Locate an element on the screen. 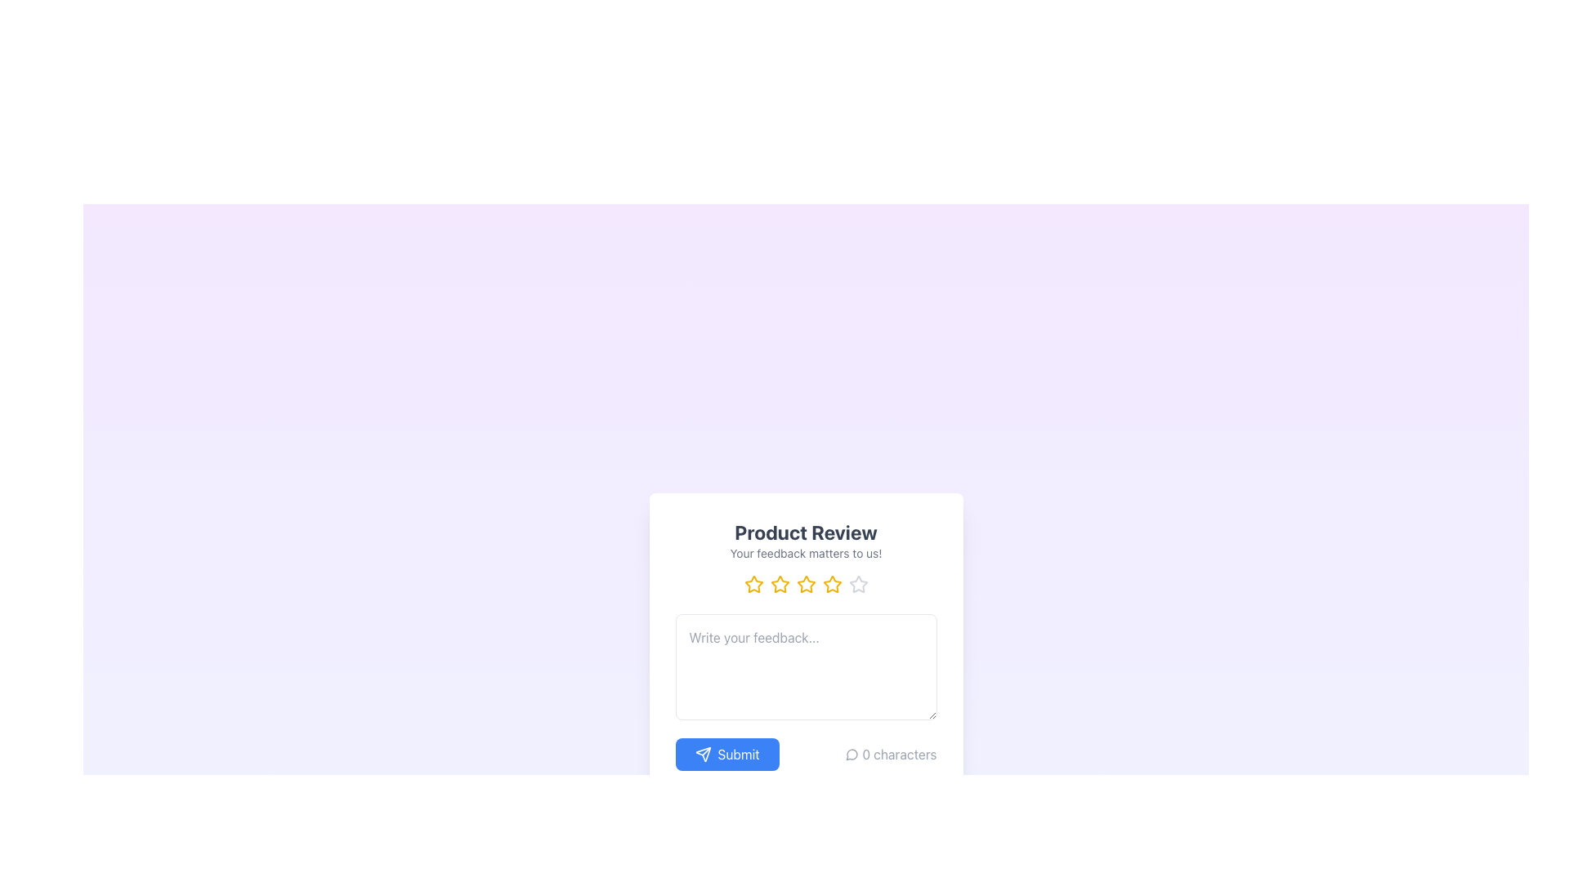  the second star in the star rating system is located at coordinates (753, 583).